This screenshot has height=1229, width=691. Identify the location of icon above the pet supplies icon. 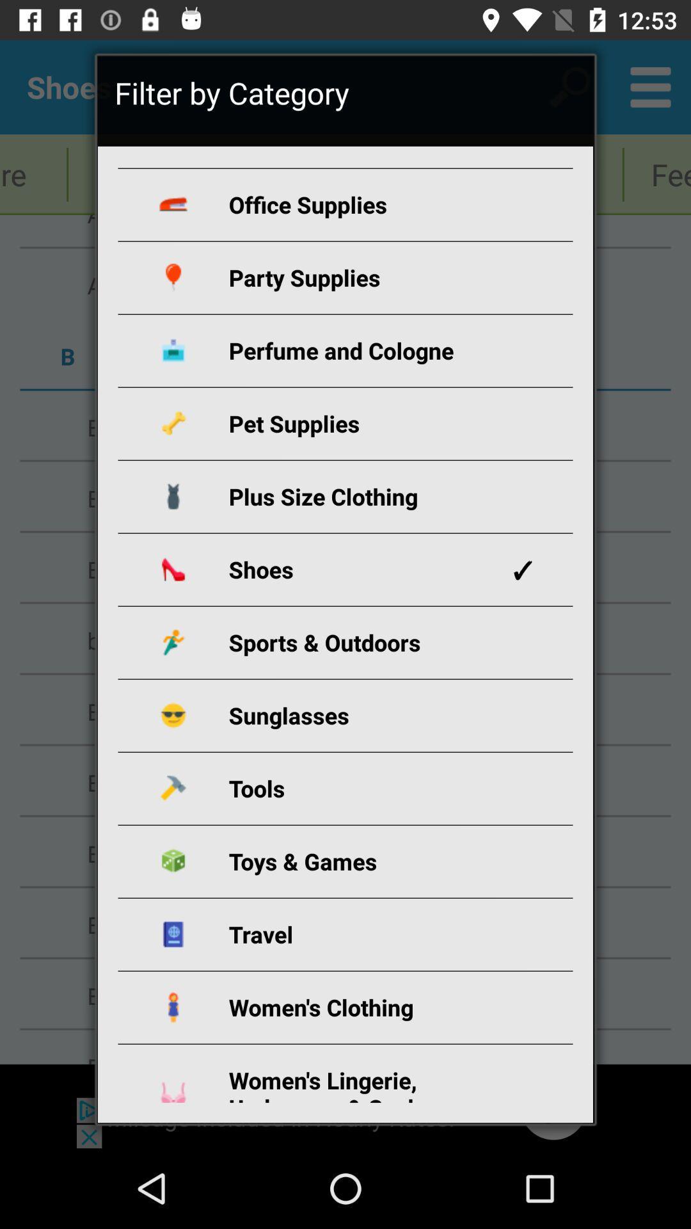
(360, 350).